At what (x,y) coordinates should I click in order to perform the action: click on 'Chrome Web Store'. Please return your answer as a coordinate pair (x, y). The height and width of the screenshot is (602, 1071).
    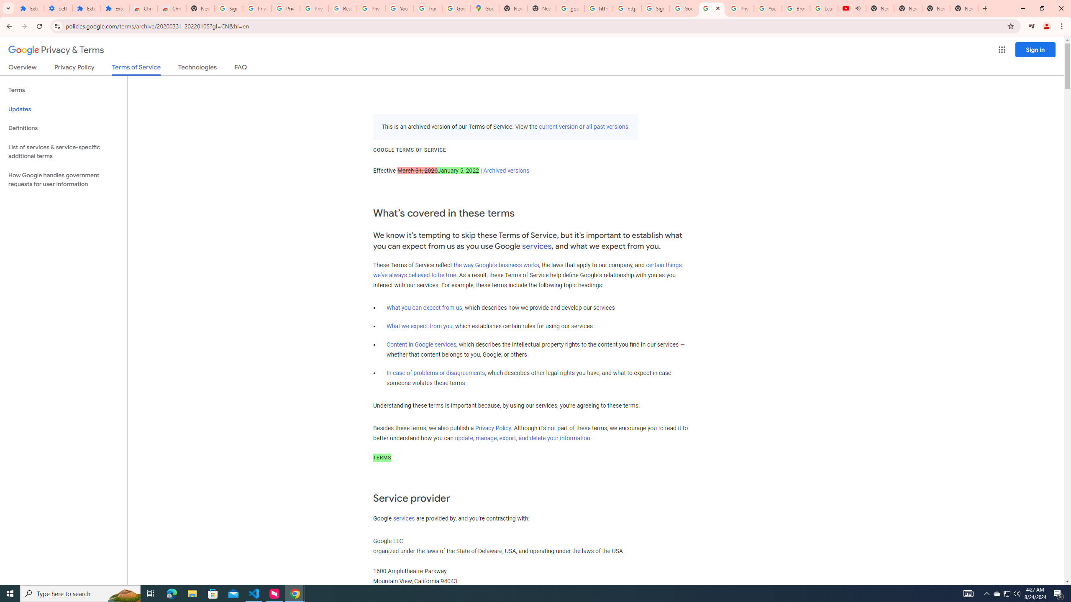
    Looking at the image, I should click on (143, 8).